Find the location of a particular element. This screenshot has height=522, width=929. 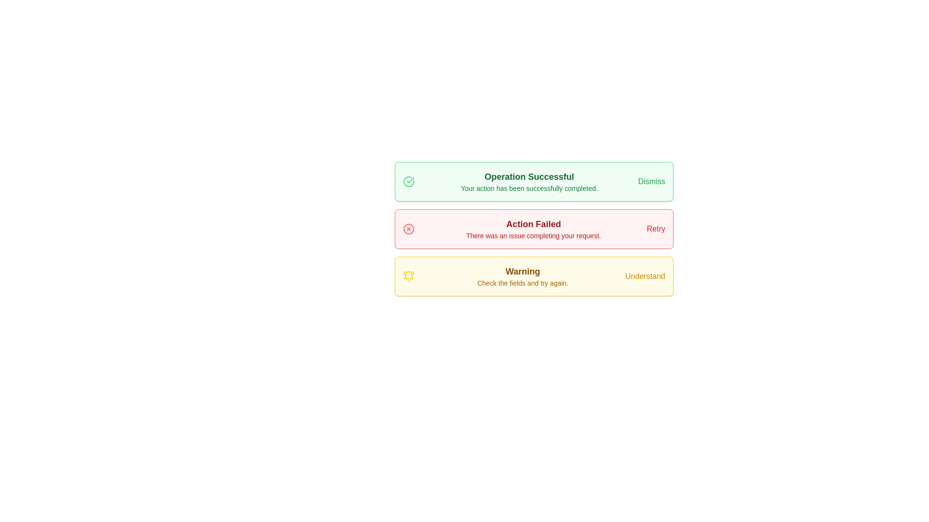

the warning title text in the yellow notification box that alerts the user about a specific issue is located at coordinates (522, 272).